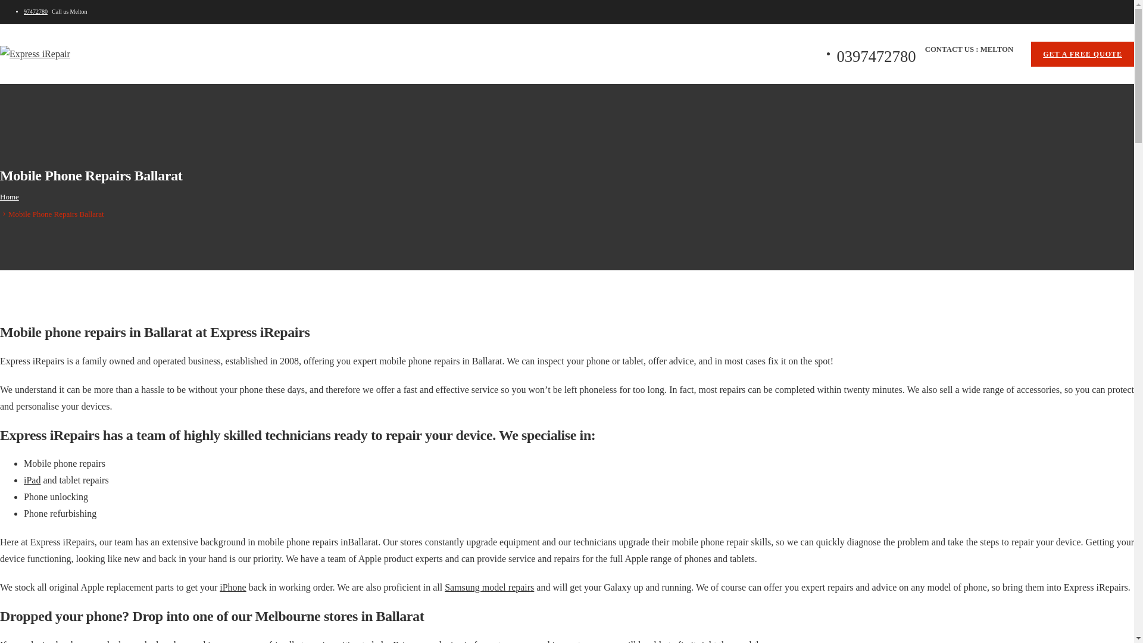 Image resolution: width=1143 pixels, height=643 pixels. I want to click on 'HOME', so click(40, 101).